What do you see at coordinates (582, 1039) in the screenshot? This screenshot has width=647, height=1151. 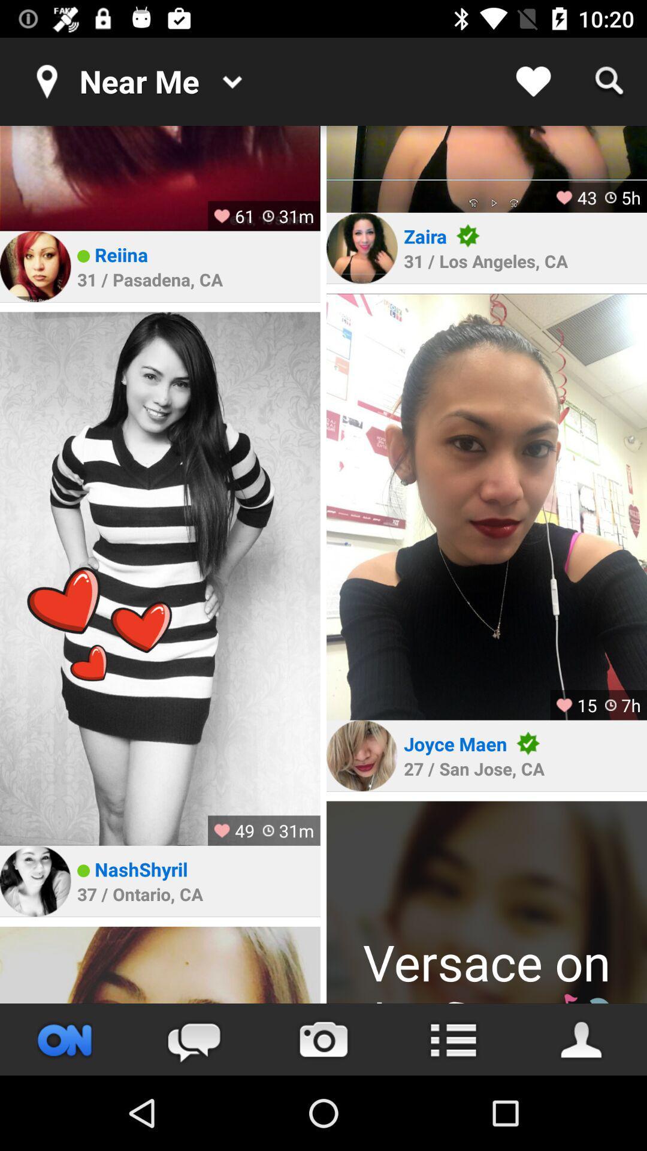 I see `the avatar icon` at bounding box center [582, 1039].